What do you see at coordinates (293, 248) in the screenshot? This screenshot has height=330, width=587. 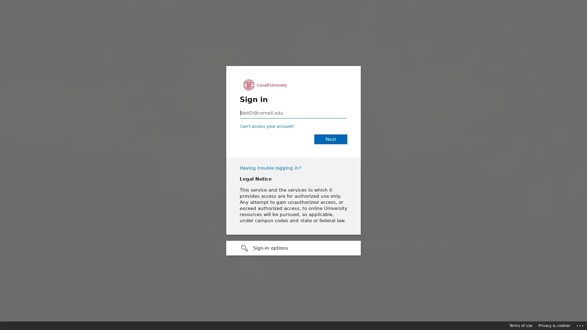 I see `Sign-in options` at bounding box center [293, 248].